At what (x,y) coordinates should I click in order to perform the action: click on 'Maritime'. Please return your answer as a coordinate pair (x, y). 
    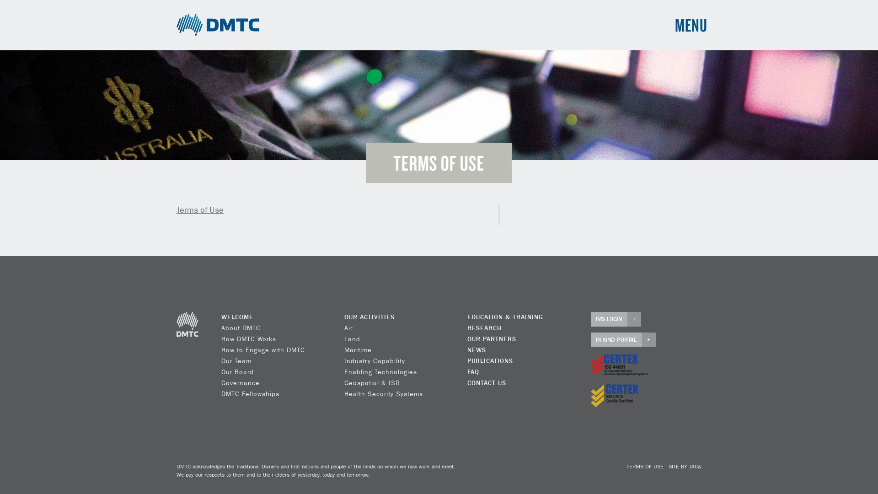
    Looking at the image, I should click on (357, 350).